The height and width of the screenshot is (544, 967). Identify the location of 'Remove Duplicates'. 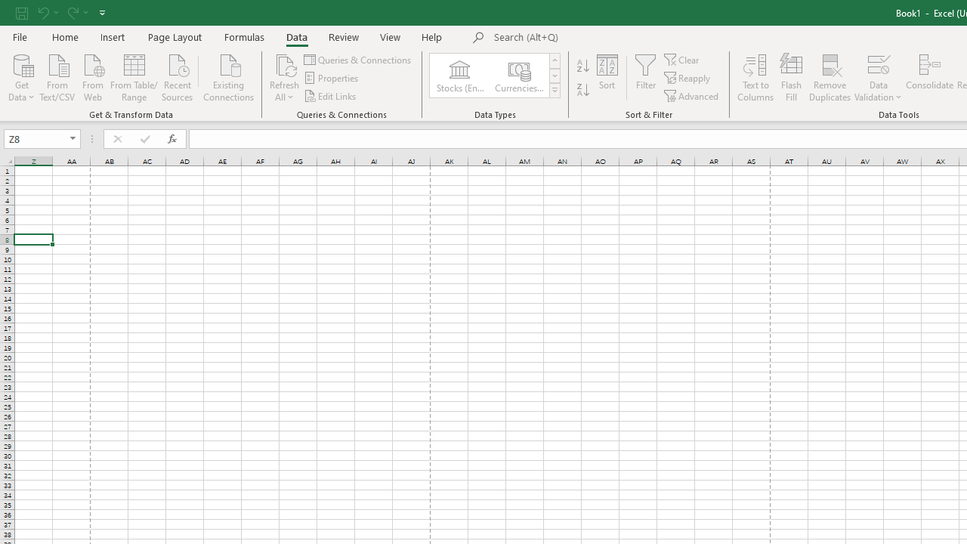
(829, 78).